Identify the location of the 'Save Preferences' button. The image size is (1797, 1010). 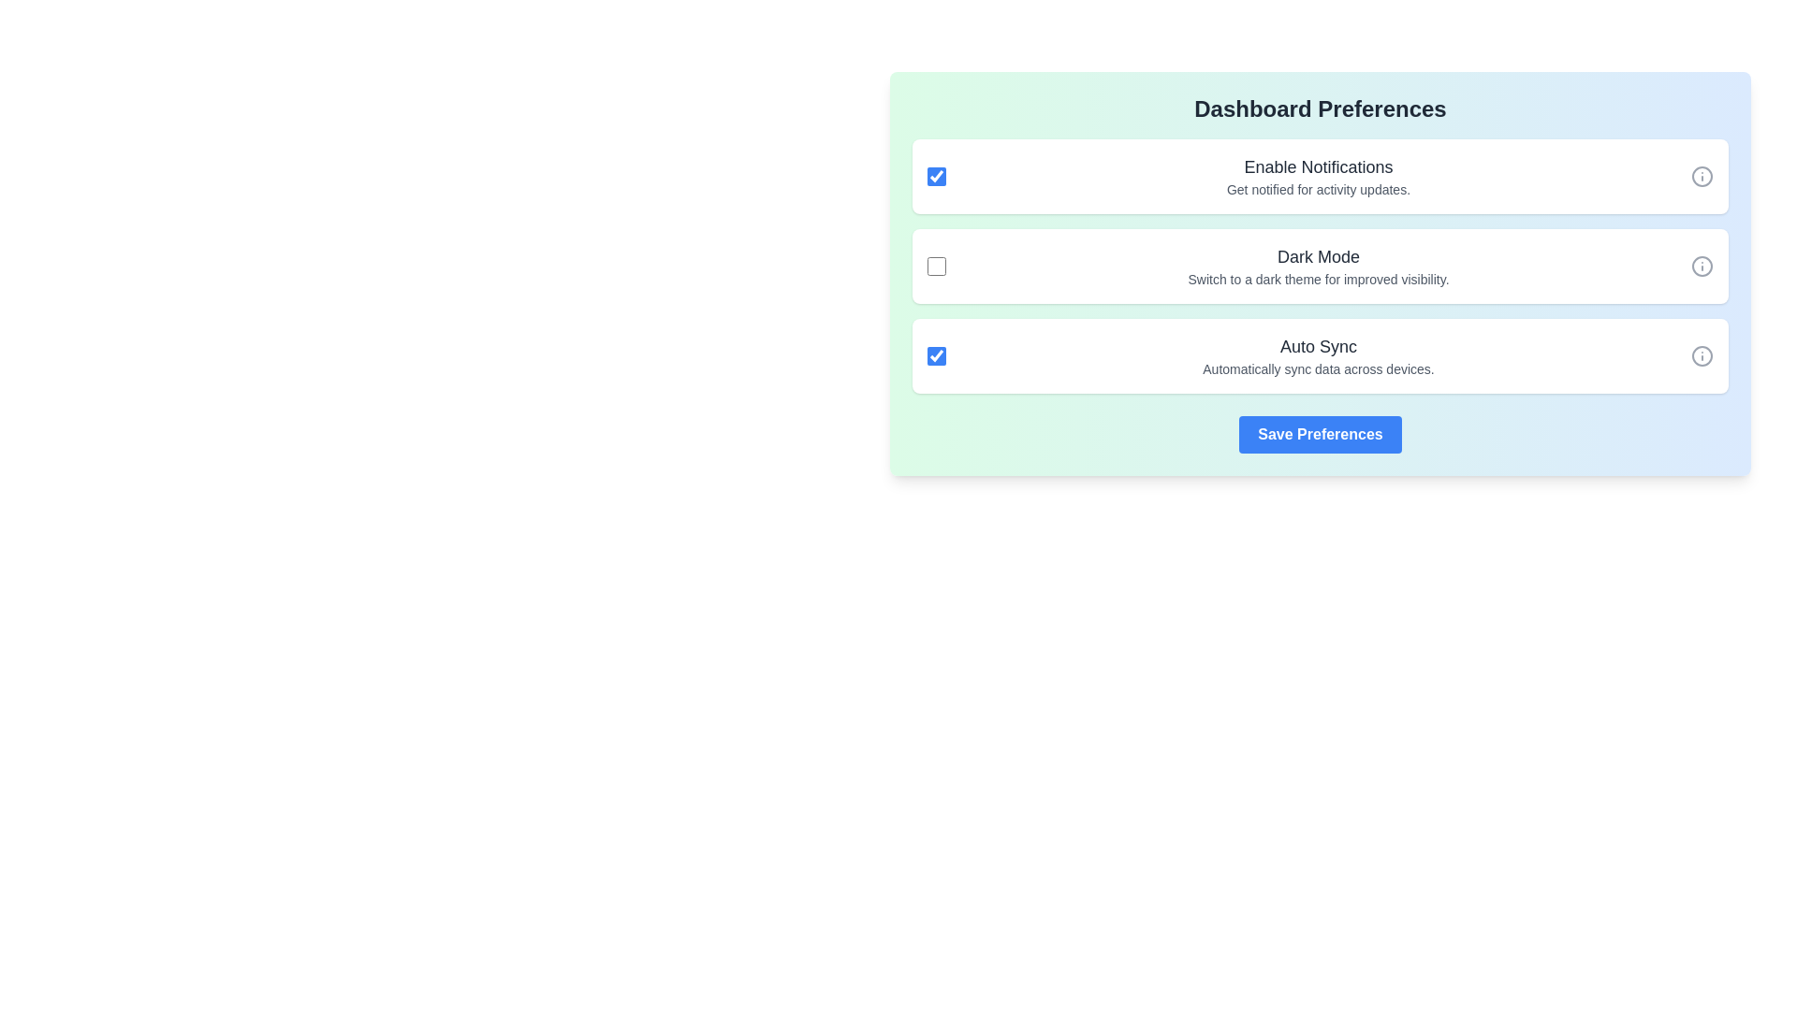
(1320, 435).